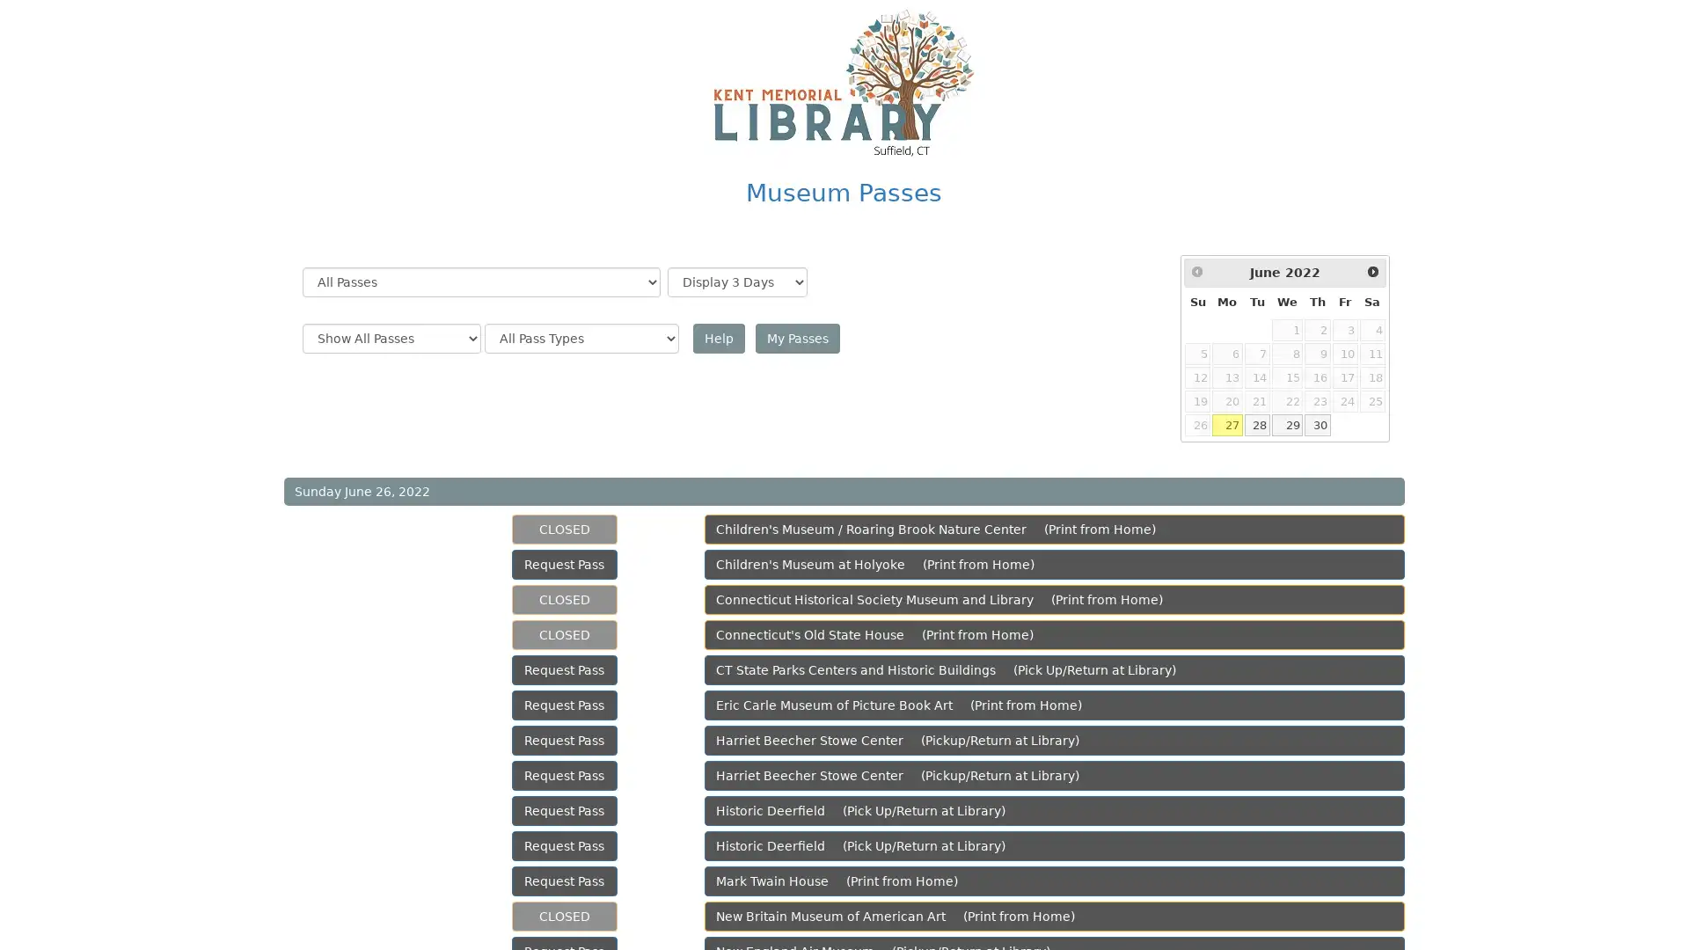 The height and width of the screenshot is (950, 1689). Describe the element at coordinates (1054, 915) in the screenshot. I see `New Britain Museum of American Art     (Print from Home)` at that location.